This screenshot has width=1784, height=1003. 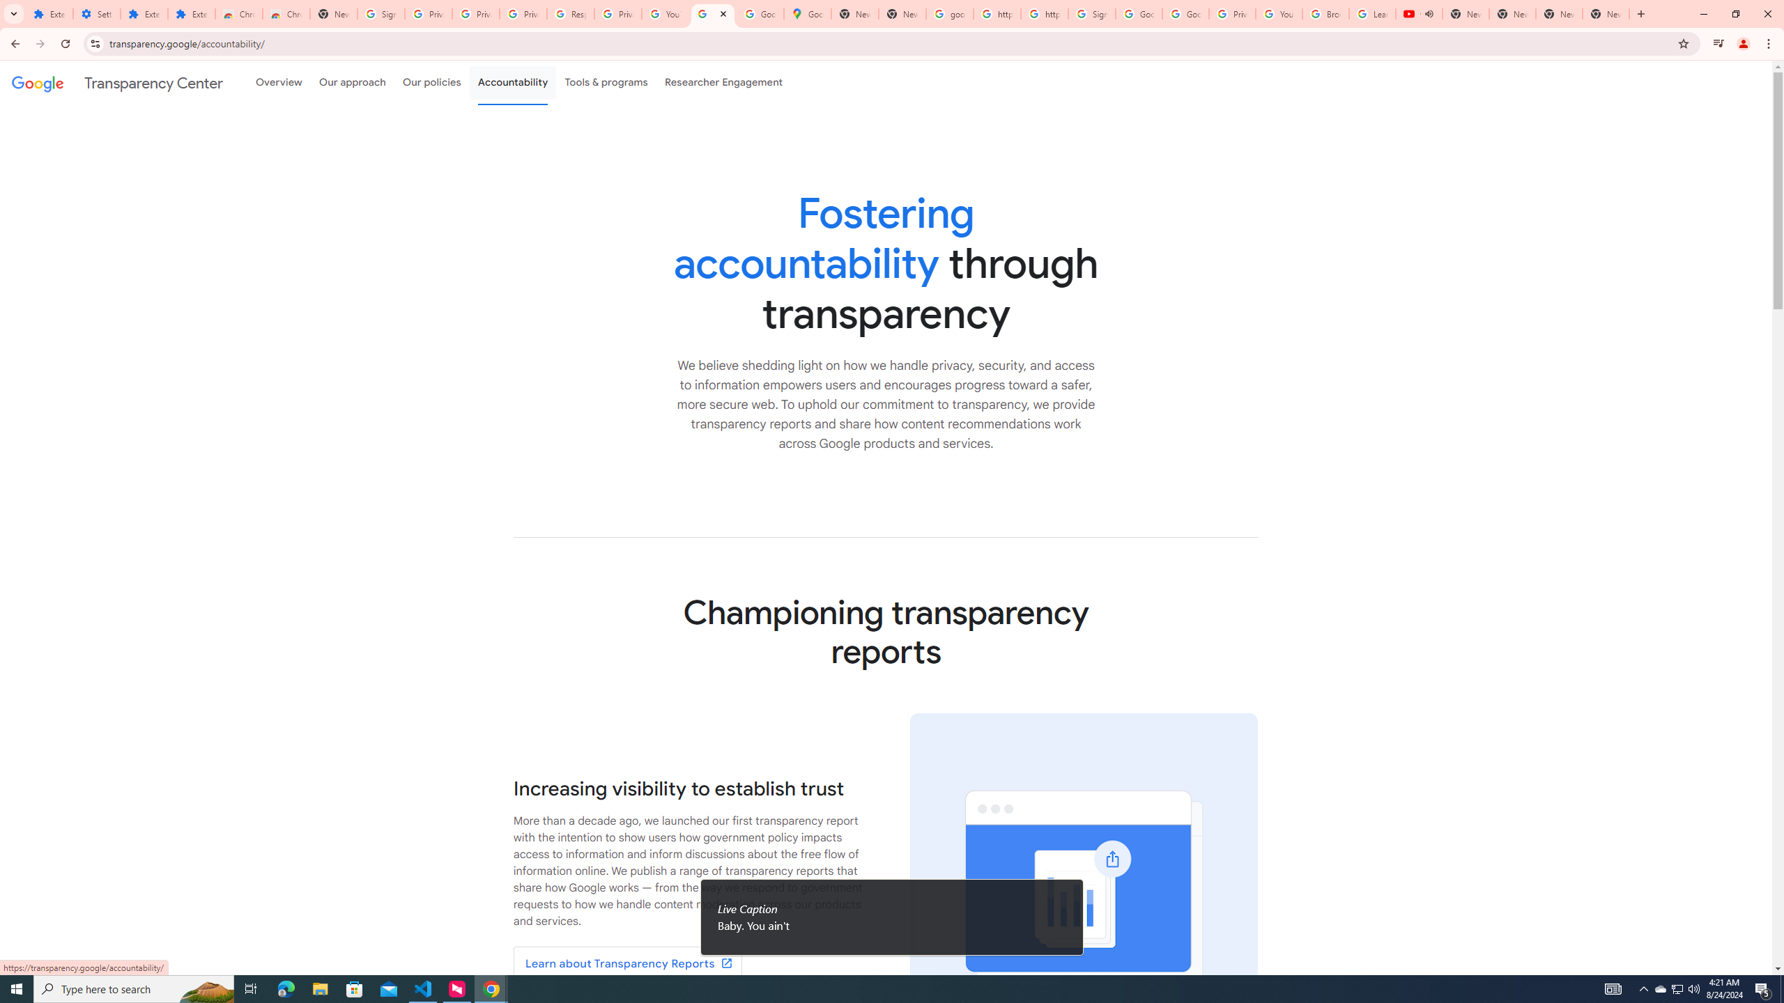 What do you see at coordinates (1043, 13) in the screenshot?
I see `'https://scholar.google.com/'` at bounding box center [1043, 13].